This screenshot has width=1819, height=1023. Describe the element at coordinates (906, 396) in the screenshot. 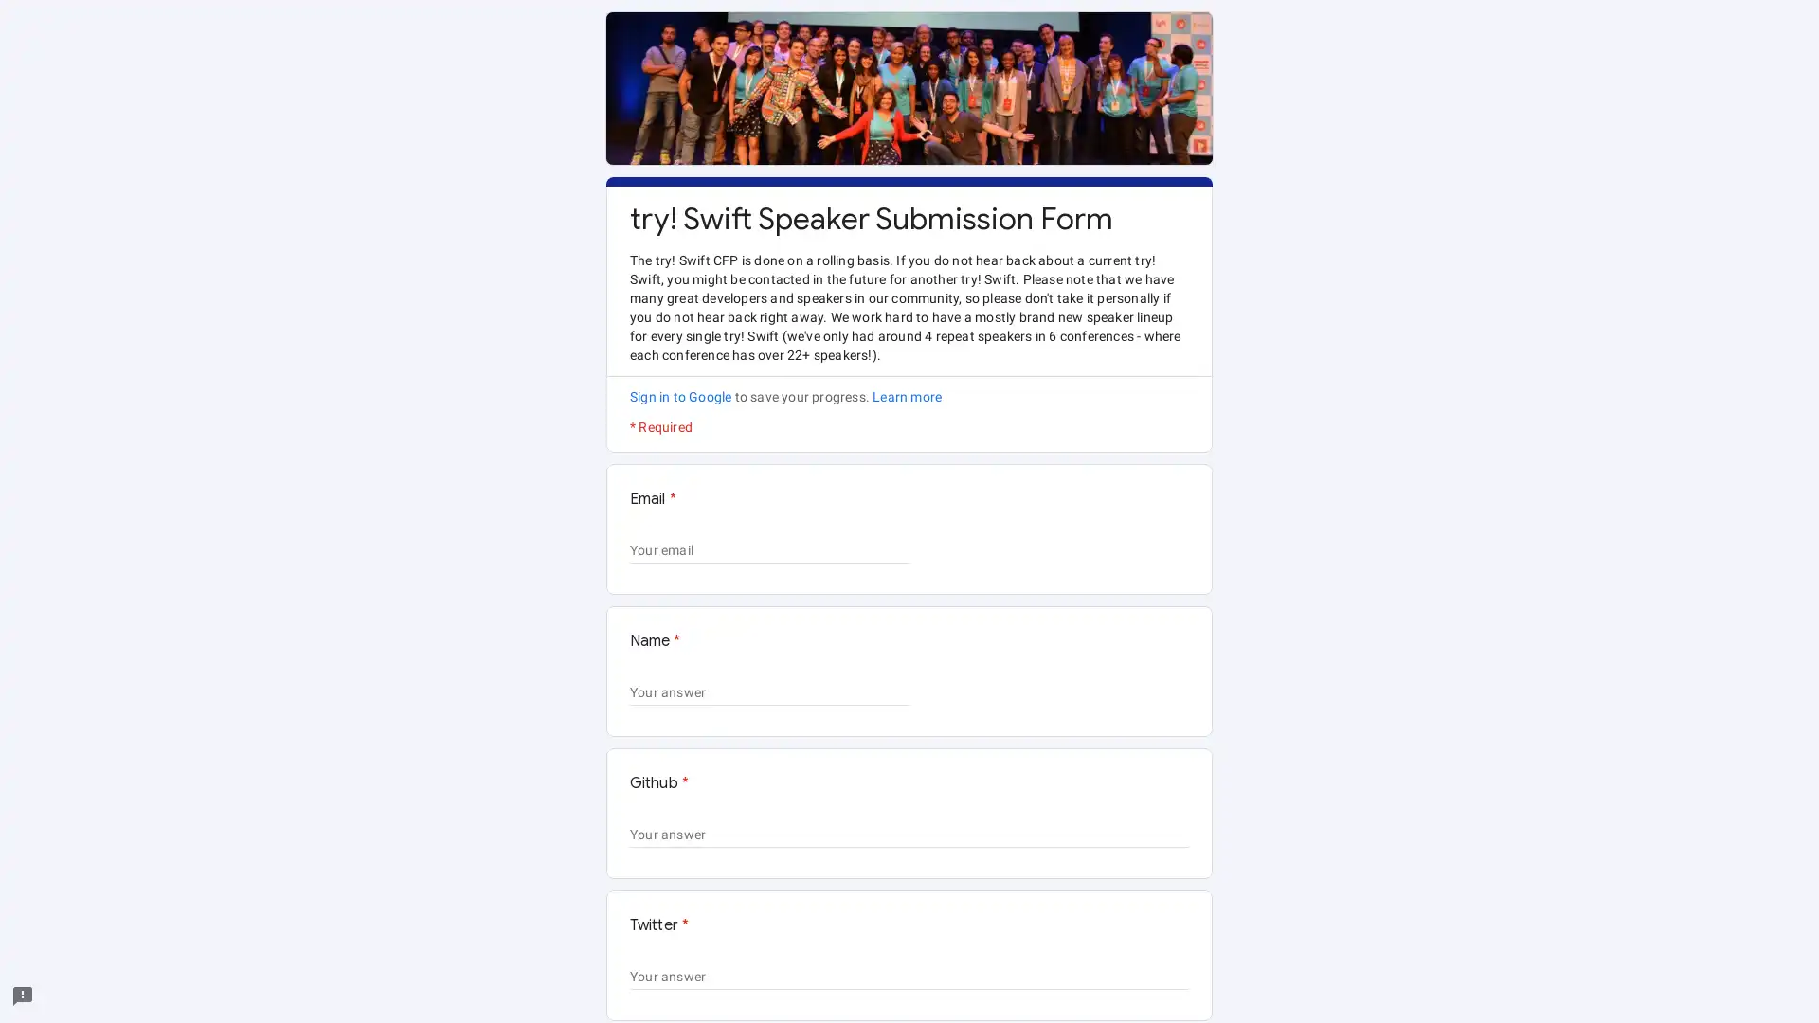

I see `Learn more` at that location.